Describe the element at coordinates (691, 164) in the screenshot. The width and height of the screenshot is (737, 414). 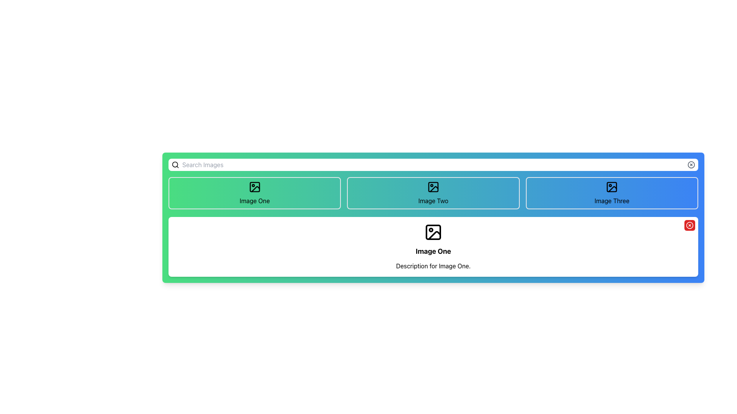
I see `the Icon Button located at the top-right corner of the layout` at that location.